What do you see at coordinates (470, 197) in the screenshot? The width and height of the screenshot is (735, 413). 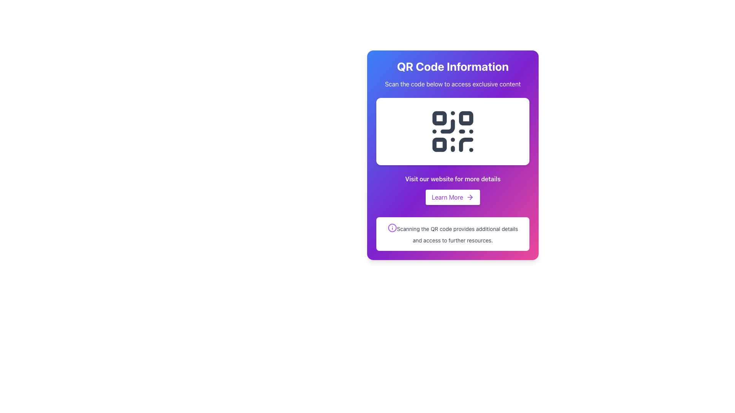 I see `the arrow icon located` at bounding box center [470, 197].